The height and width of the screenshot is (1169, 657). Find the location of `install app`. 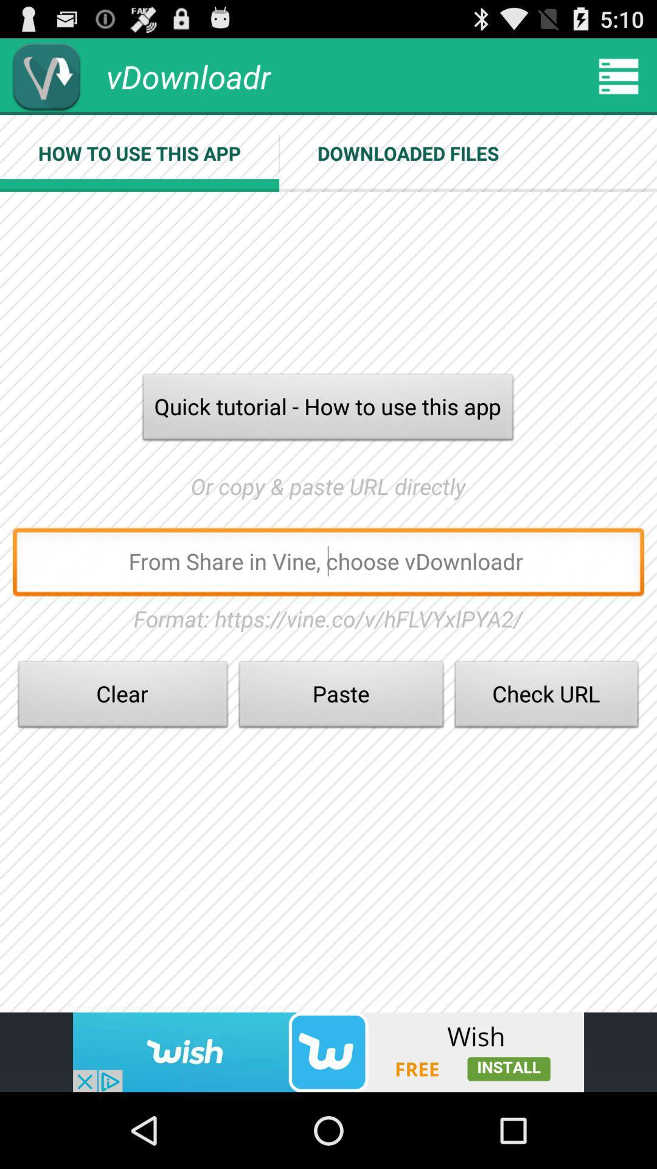

install app is located at coordinates (328, 1051).